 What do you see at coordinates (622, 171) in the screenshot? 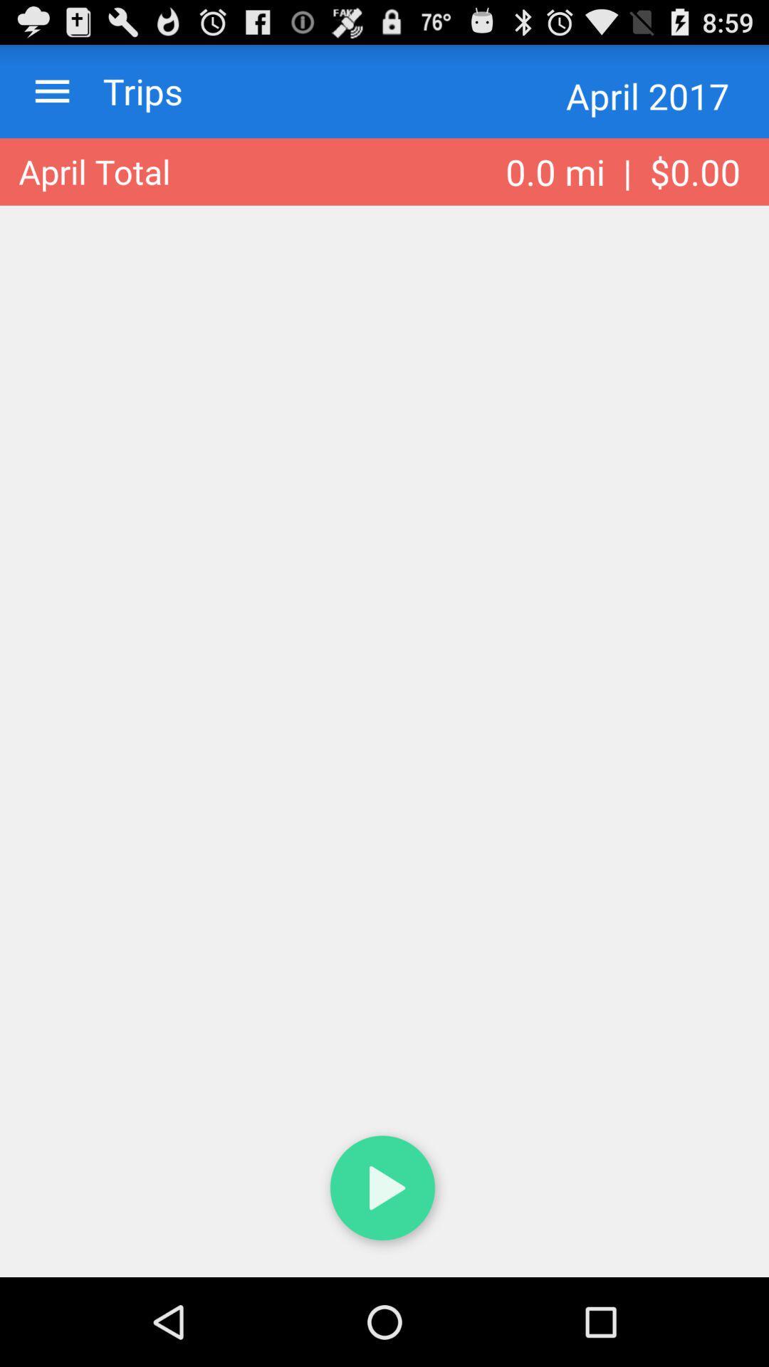
I see `the 0 0 mi item` at bounding box center [622, 171].